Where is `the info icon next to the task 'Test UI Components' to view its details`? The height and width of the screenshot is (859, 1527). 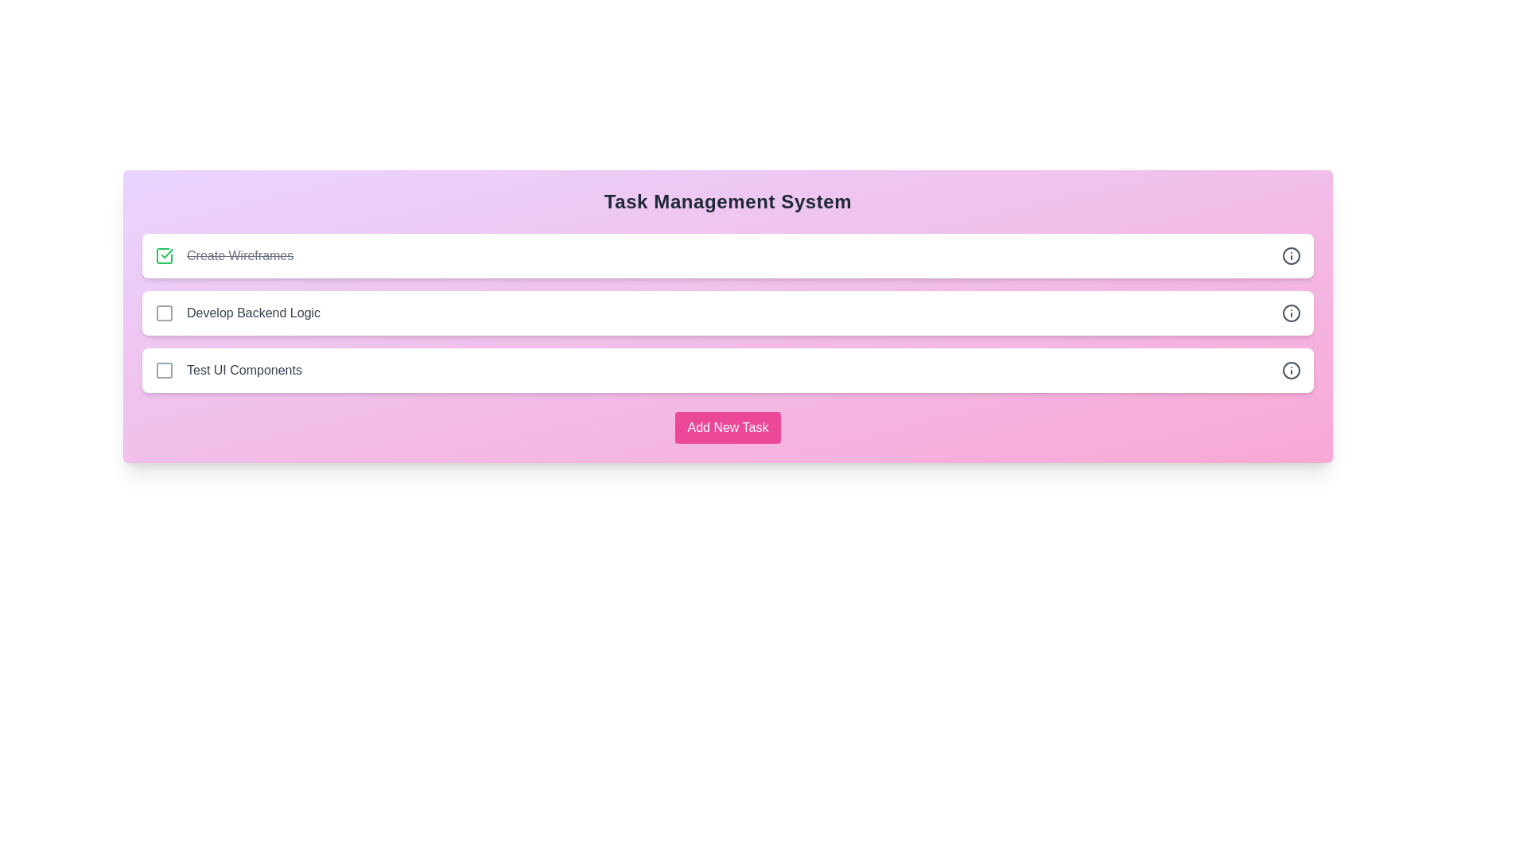
the info icon next to the task 'Test UI Components' to view its details is located at coordinates (1291, 371).